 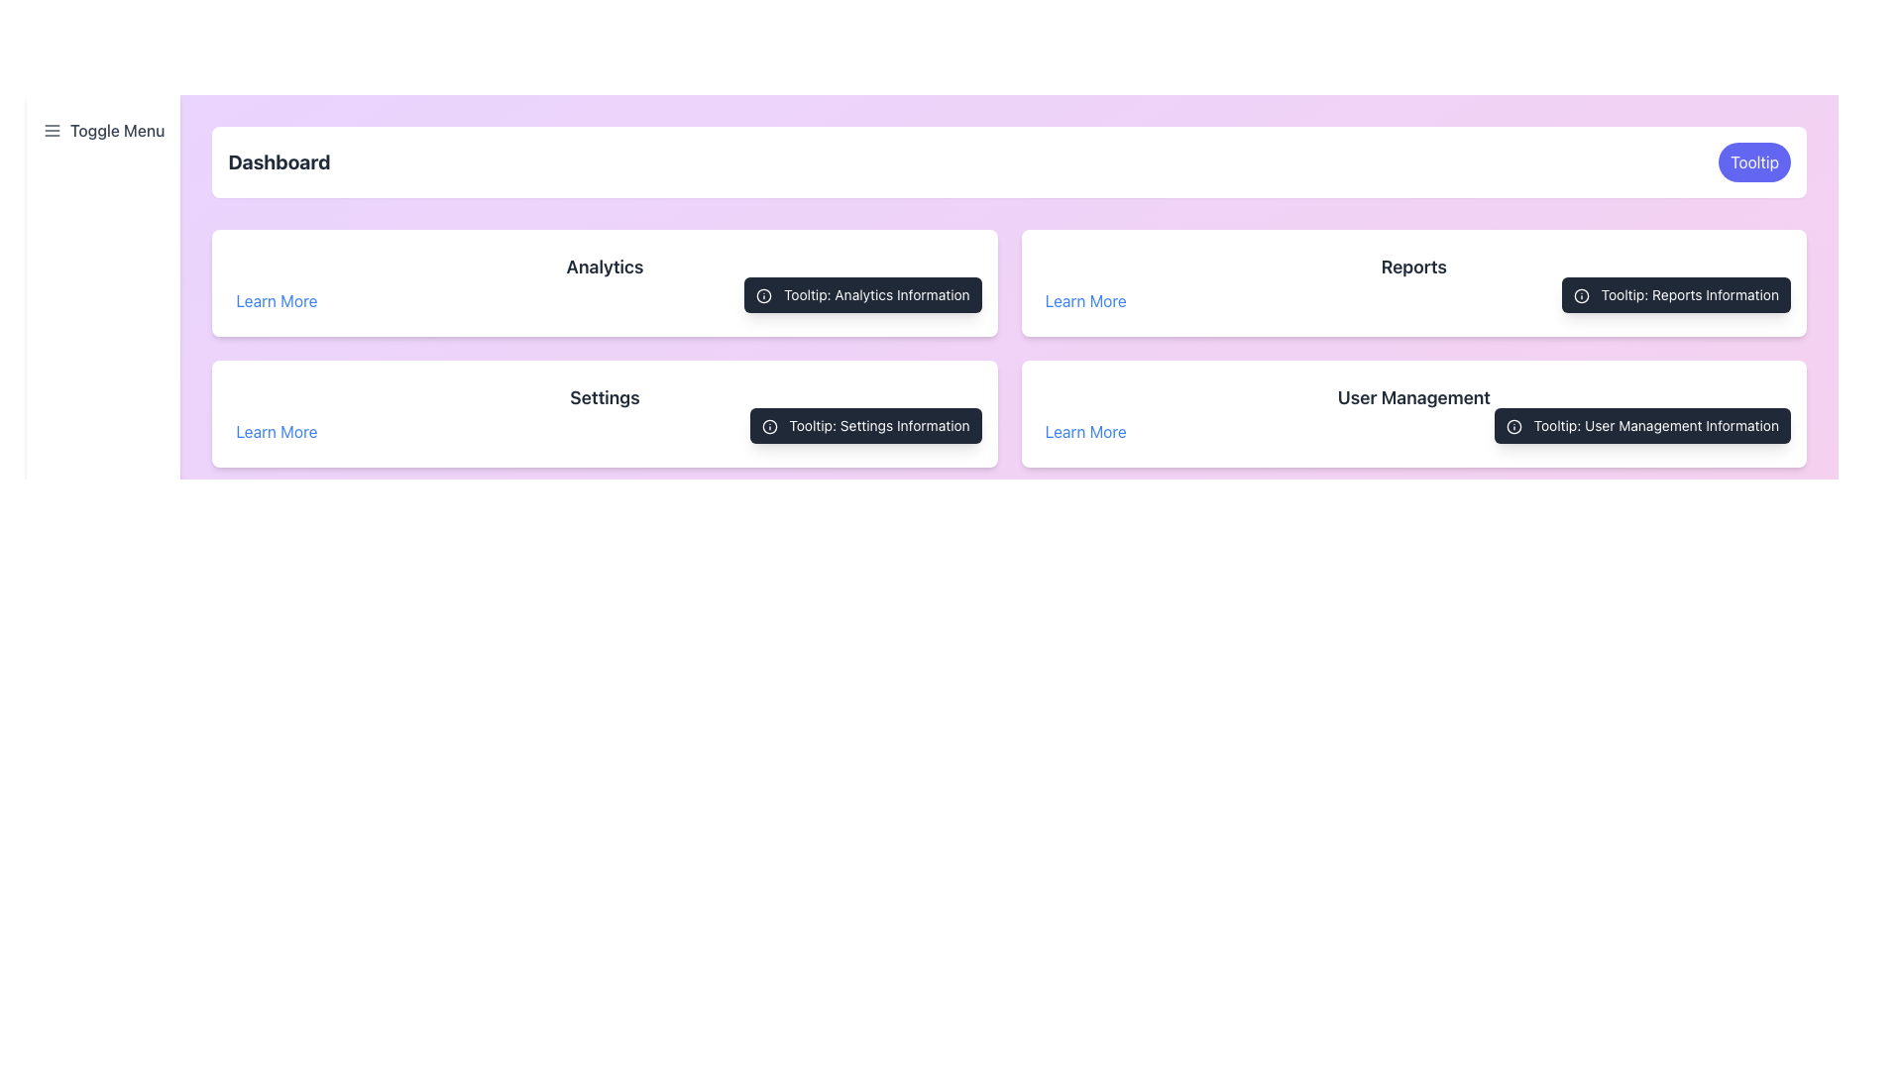 I want to click on the Section card for 'Analytics' located in the first row and first column of the grid layout, directly below the 'Dashboard' header, so click(x=604, y=282).